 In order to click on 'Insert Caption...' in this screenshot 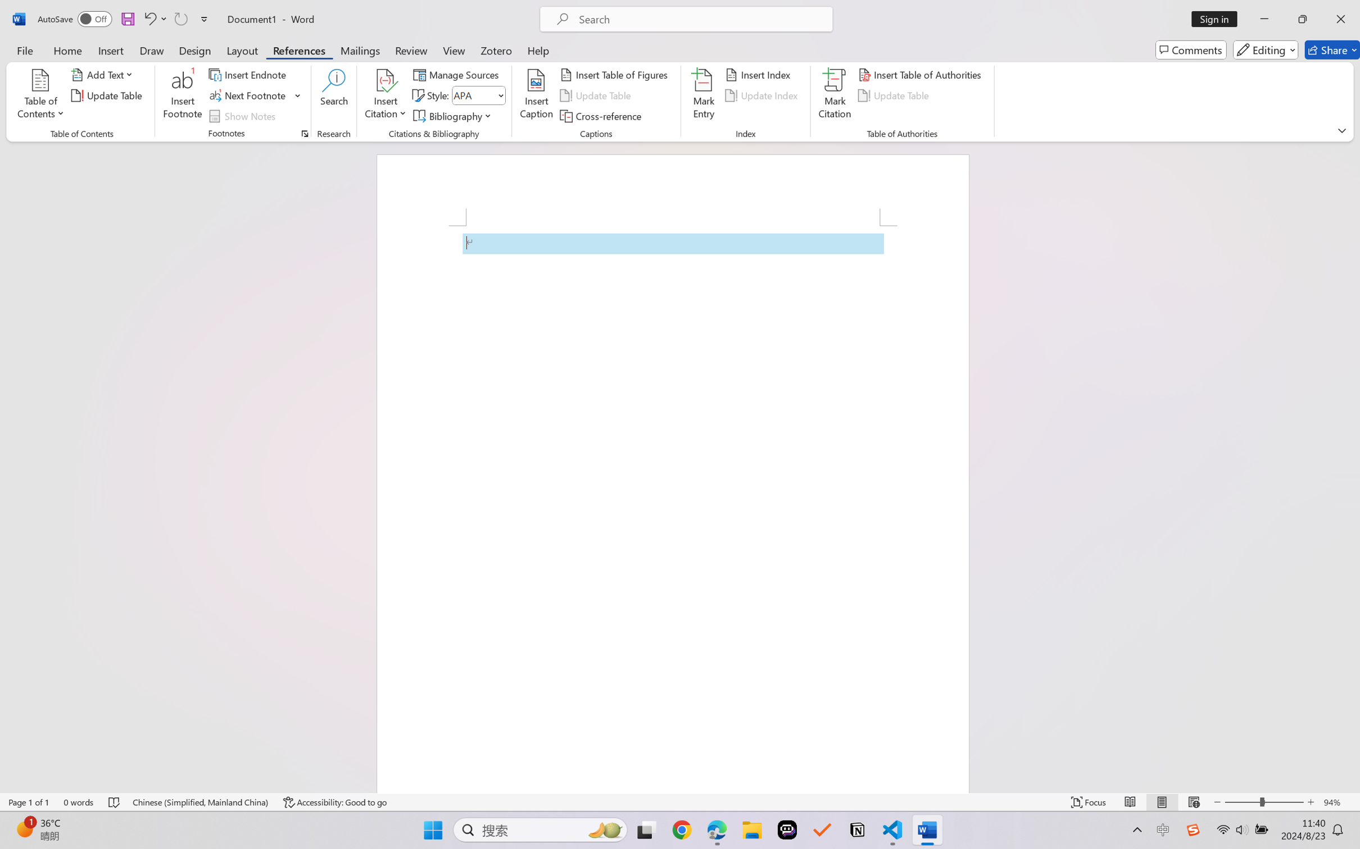, I will do `click(536, 95)`.